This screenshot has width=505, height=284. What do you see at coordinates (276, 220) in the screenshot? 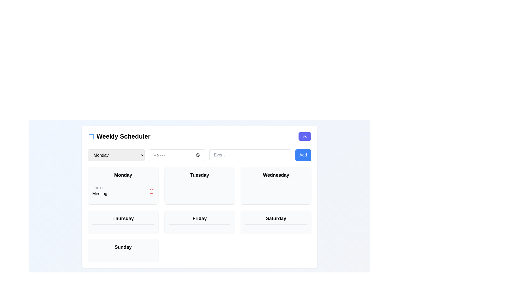
I see `the 'Saturday' header label in the scheduler interface, which is visually prominent with a bold font and a bottom border, located in the bottom-right section of the scheduler` at bounding box center [276, 220].